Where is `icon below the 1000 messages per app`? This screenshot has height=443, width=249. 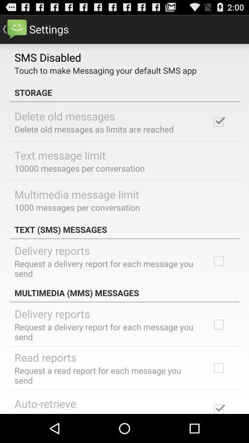 icon below the 1000 messages per app is located at coordinates (125, 229).